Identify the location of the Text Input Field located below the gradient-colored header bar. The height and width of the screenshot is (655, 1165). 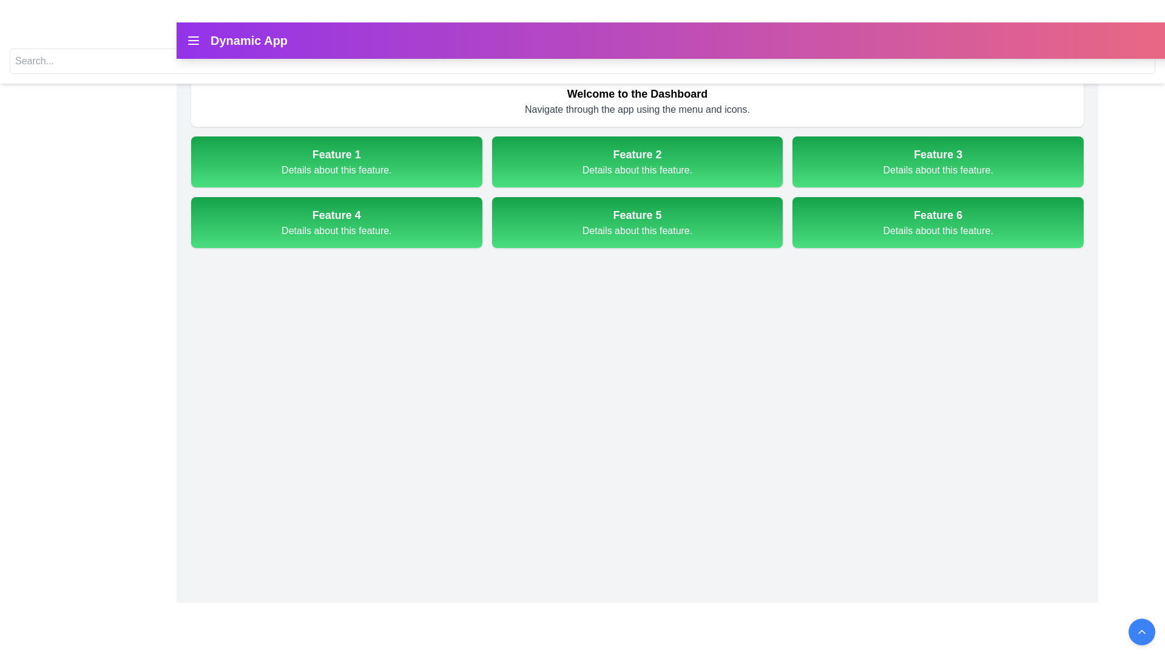
(582, 61).